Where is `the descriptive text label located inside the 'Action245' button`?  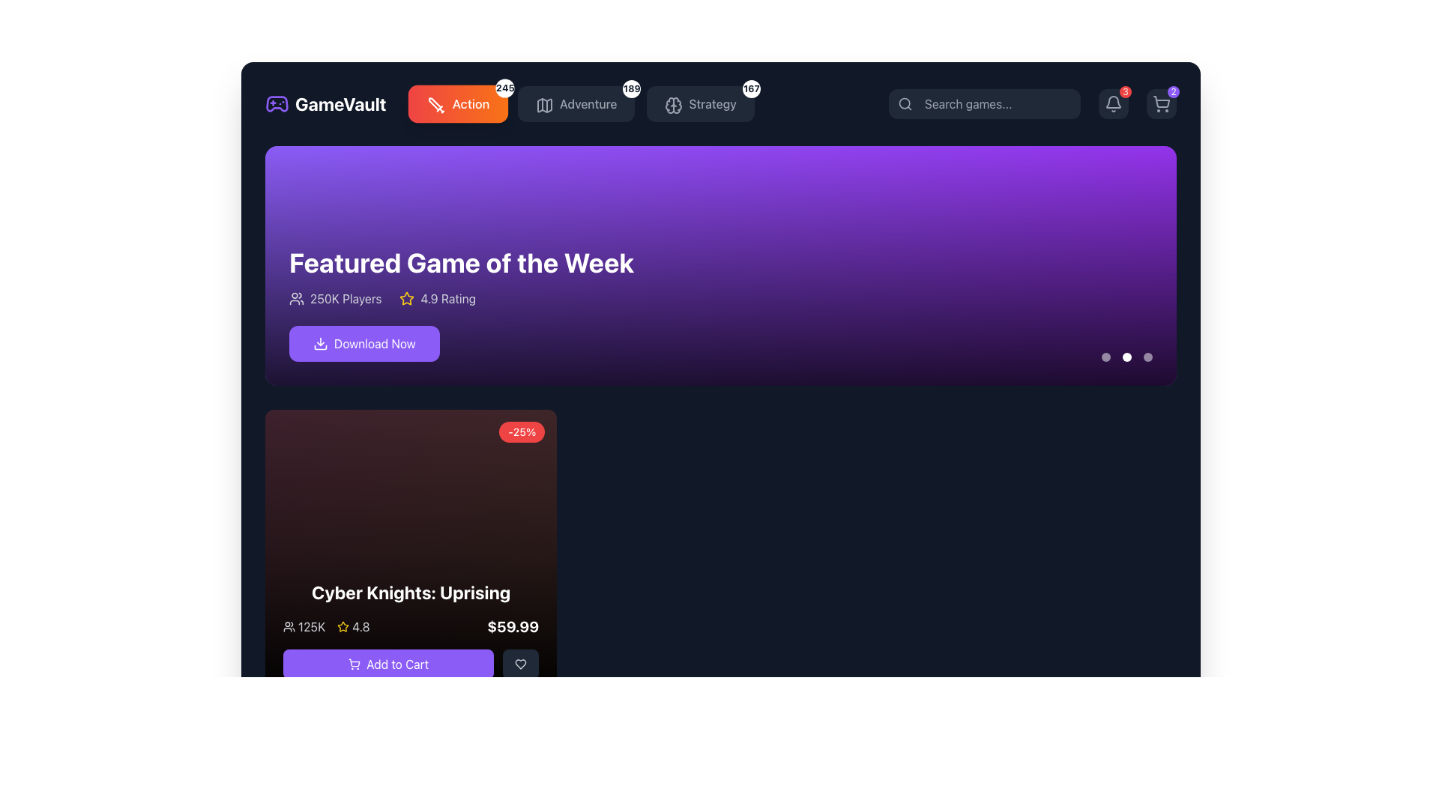
the descriptive text label located inside the 'Action245' button is located at coordinates (470, 103).